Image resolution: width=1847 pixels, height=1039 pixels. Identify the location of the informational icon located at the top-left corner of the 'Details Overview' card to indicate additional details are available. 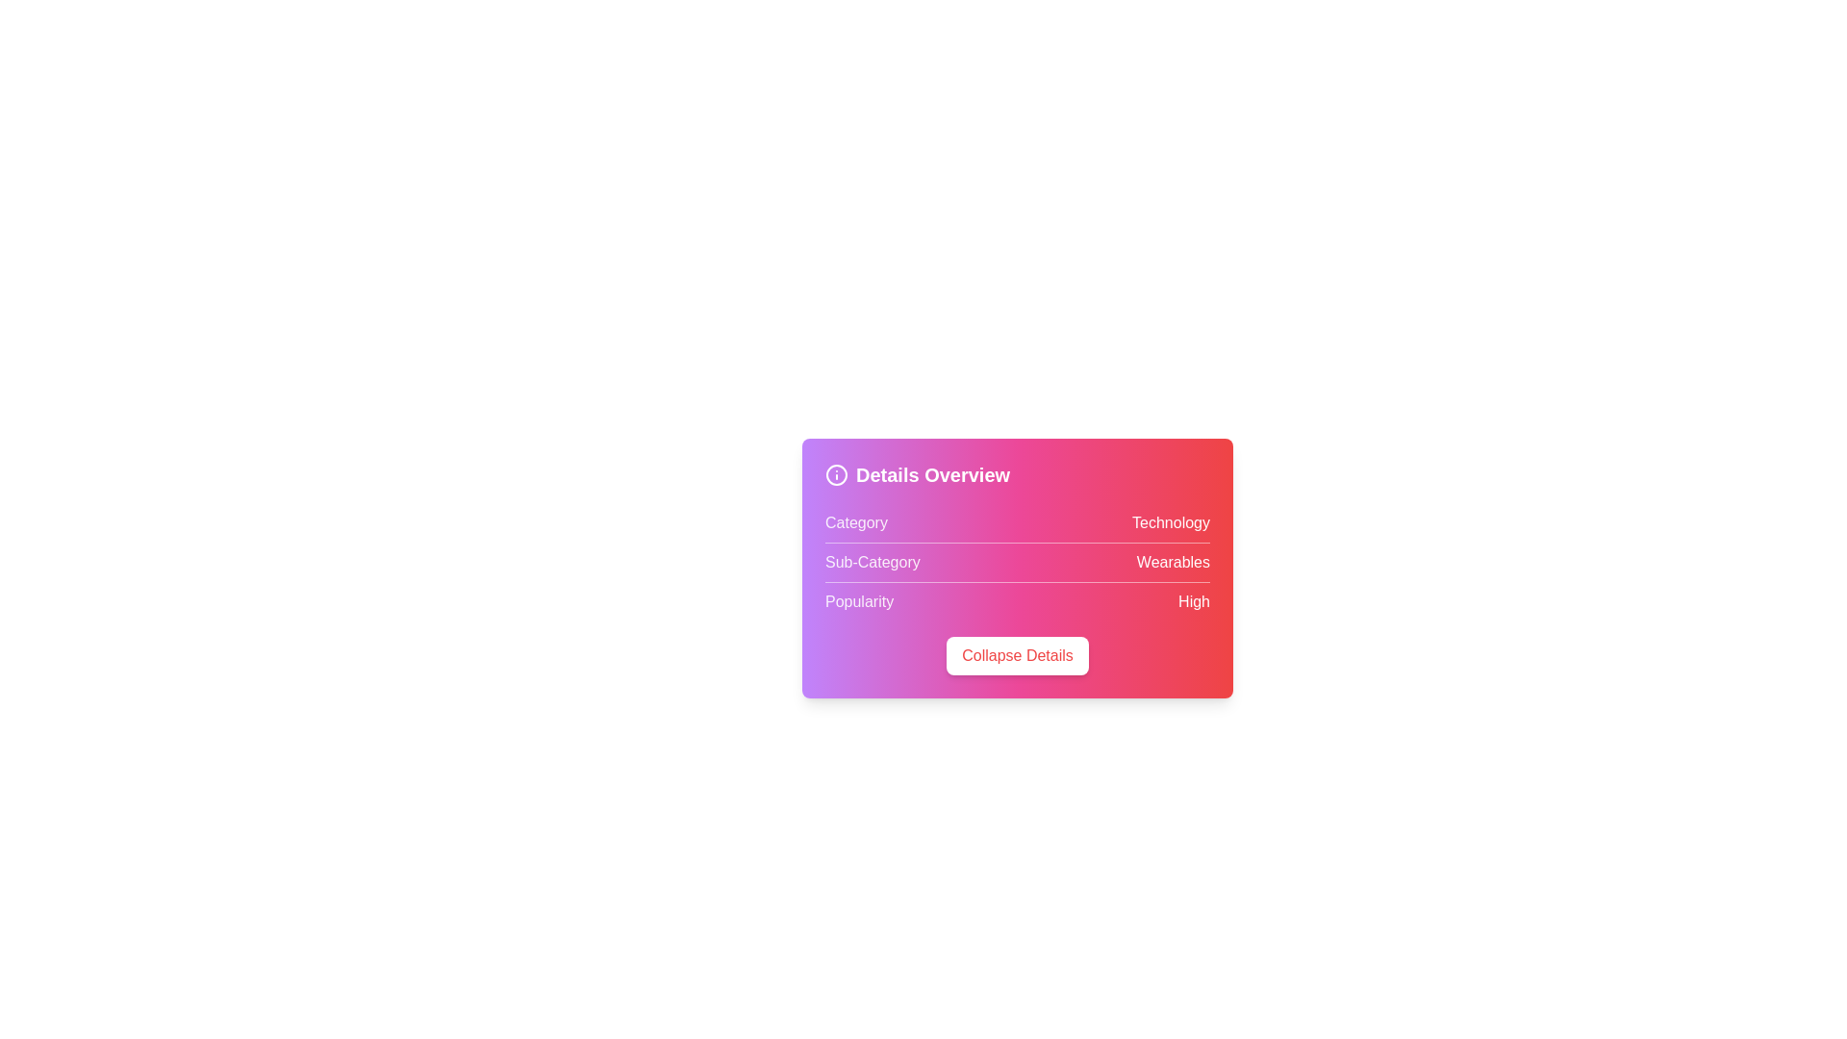
(836, 474).